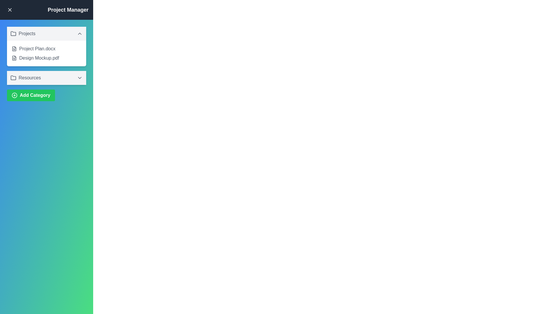 The width and height of the screenshot is (559, 314). What do you see at coordinates (14, 49) in the screenshot?
I see `the icon representing the 'Project Plan.docx' file located in the project management panel under 'Projects'` at bounding box center [14, 49].